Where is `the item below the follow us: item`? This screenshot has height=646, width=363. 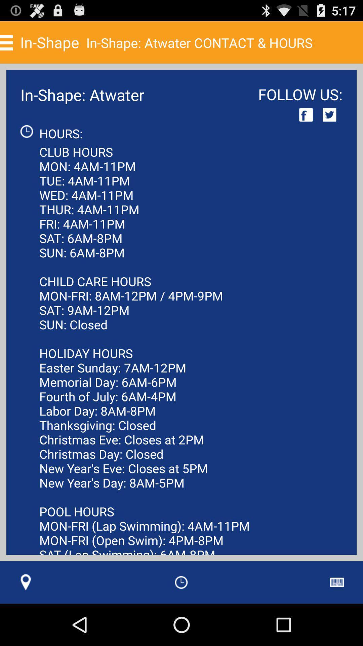
the item below the follow us: item is located at coordinates (306, 115).